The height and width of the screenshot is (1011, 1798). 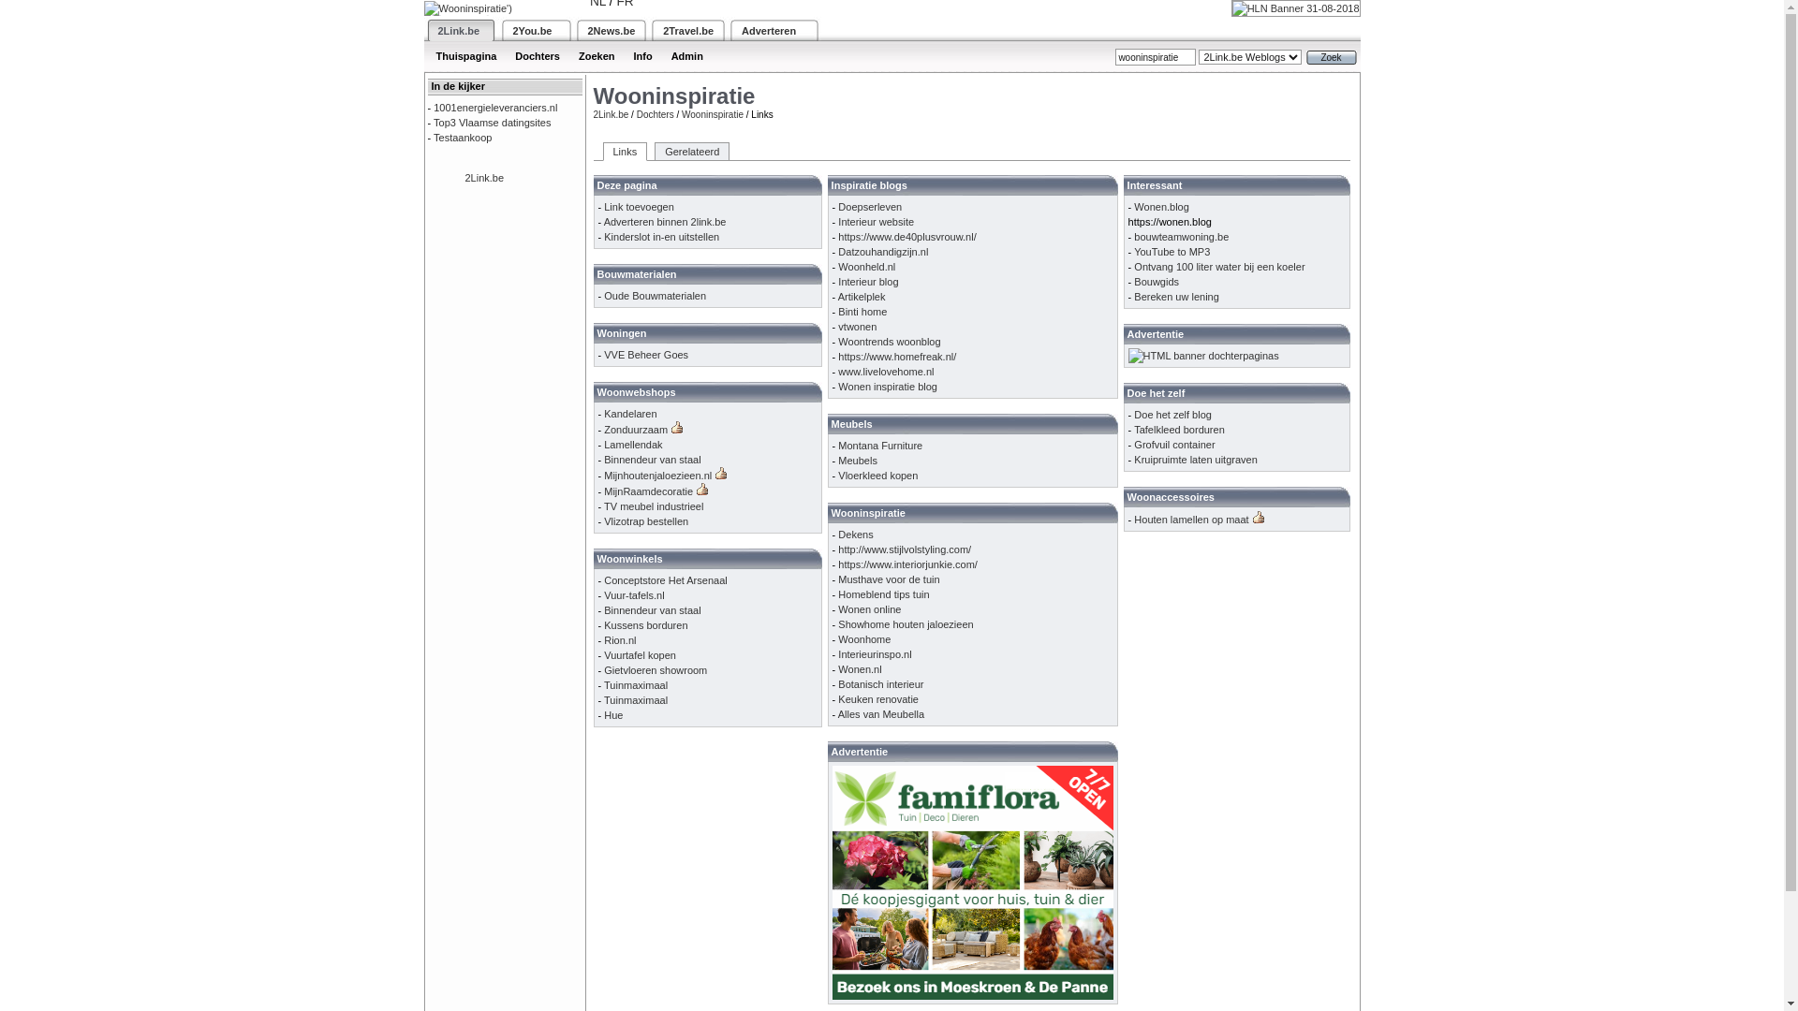 I want to click on 'Wonen.nl', so click(x=858, y=667).